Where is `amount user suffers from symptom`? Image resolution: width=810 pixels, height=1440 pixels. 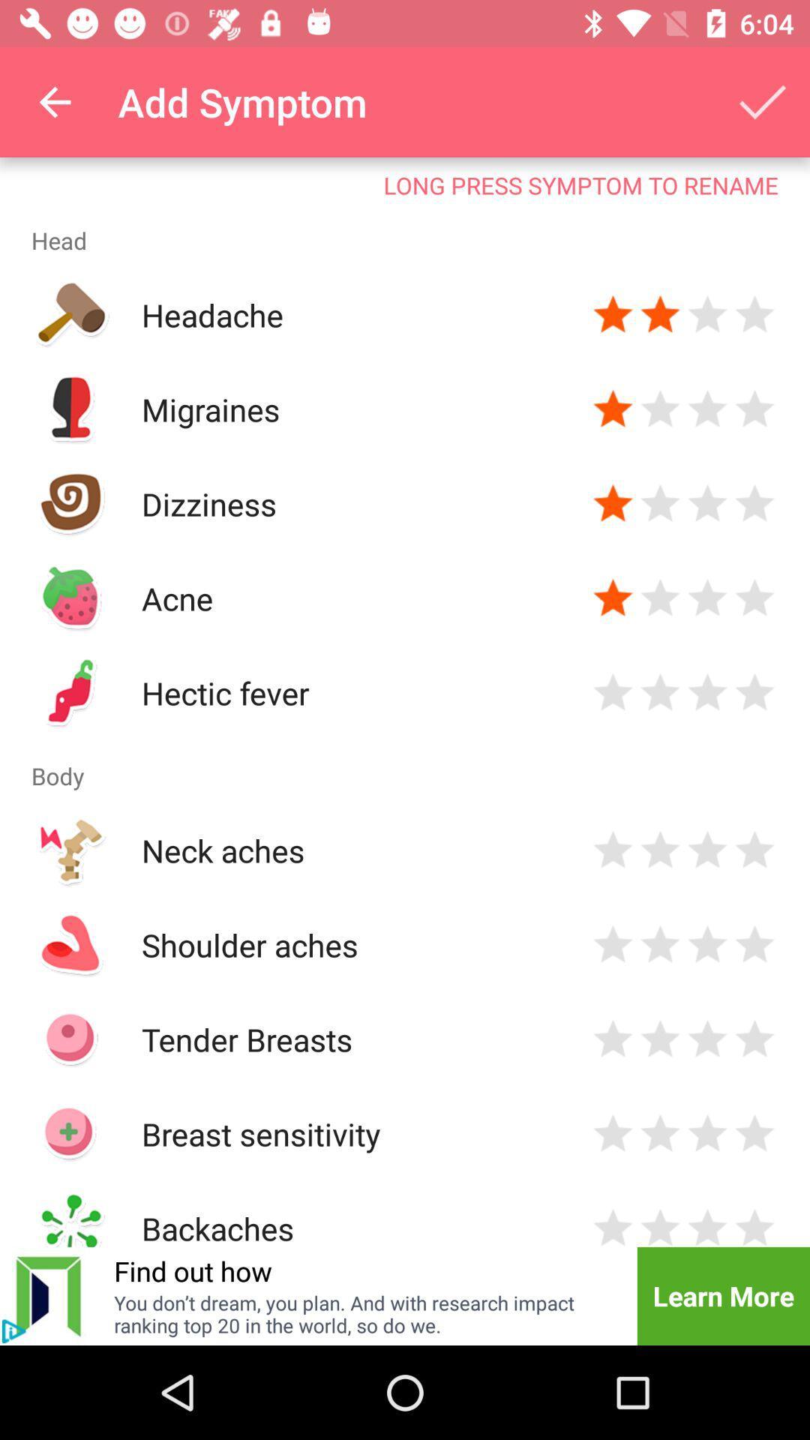 amount user suffers from symptom is located at coordinates (613, 597).